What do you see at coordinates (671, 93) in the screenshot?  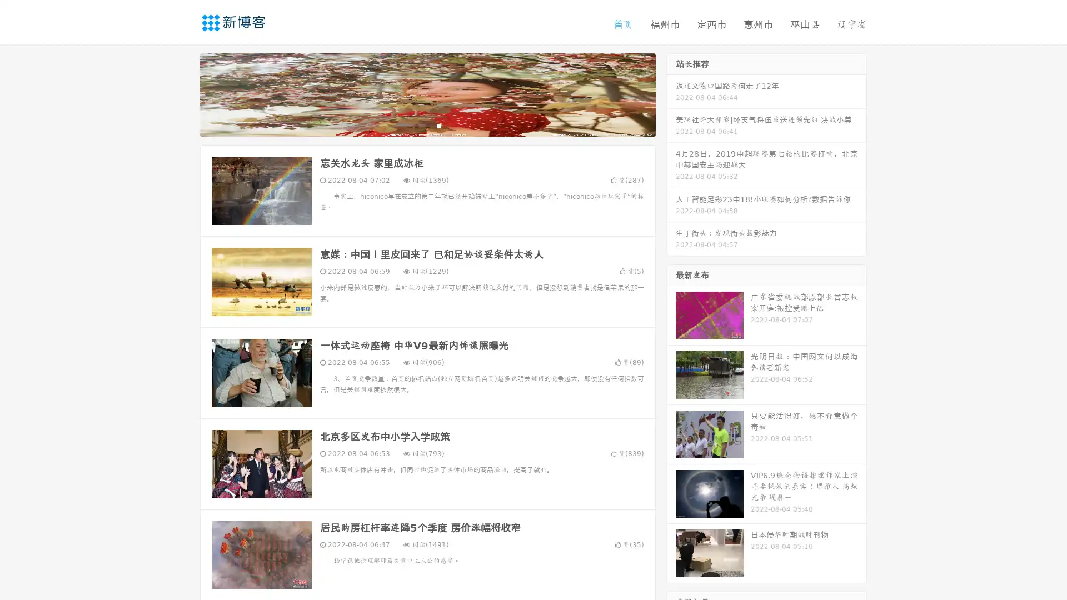 I see `Next slide` at bounding box center [671, 93].